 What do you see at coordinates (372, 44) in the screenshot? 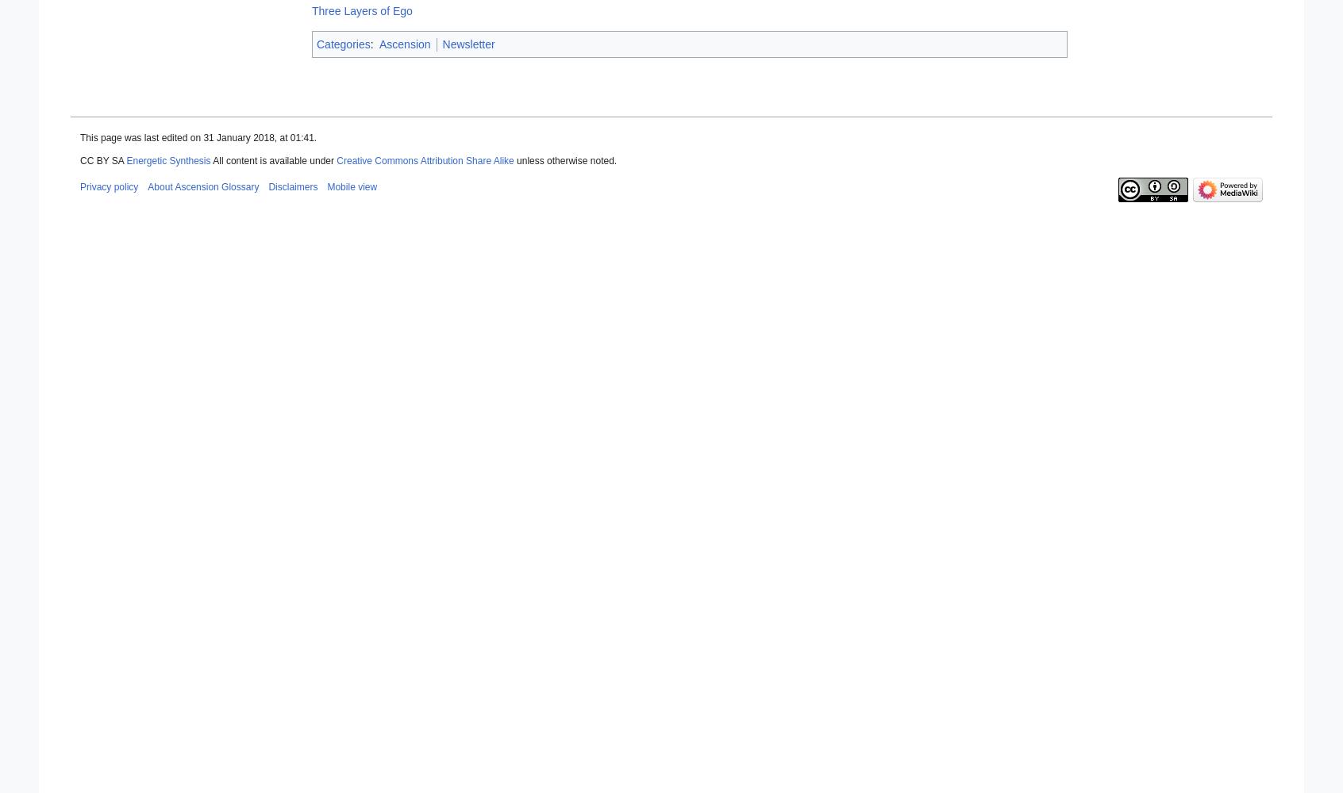
I see `':'` at bounding box center [372, 44].